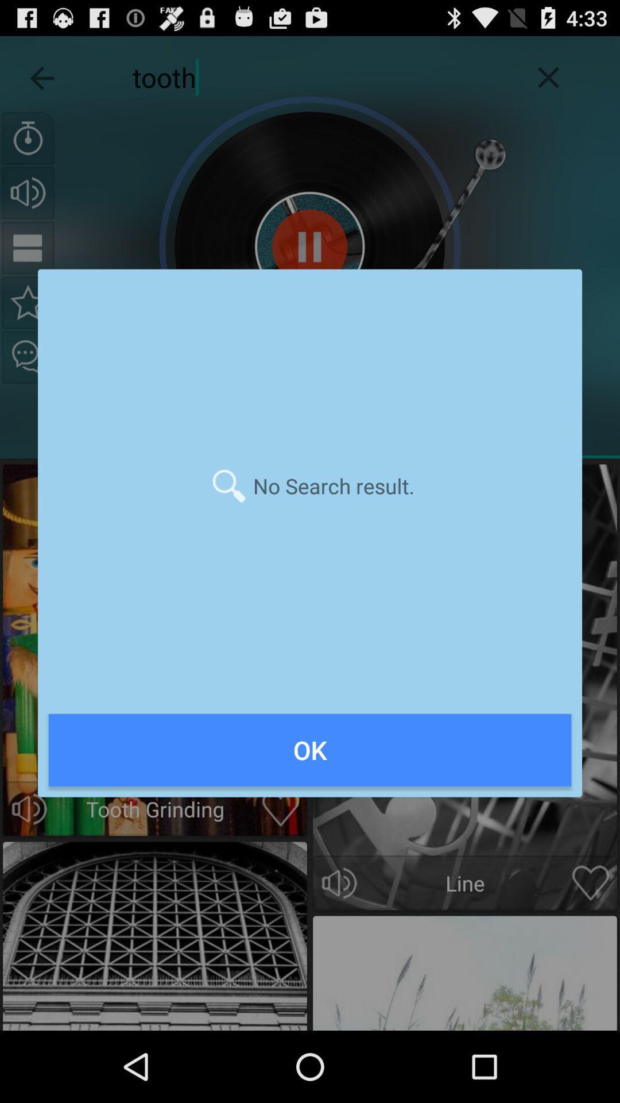 The image size is (620, 1103). I want to click on the ok, so click(310, 750).